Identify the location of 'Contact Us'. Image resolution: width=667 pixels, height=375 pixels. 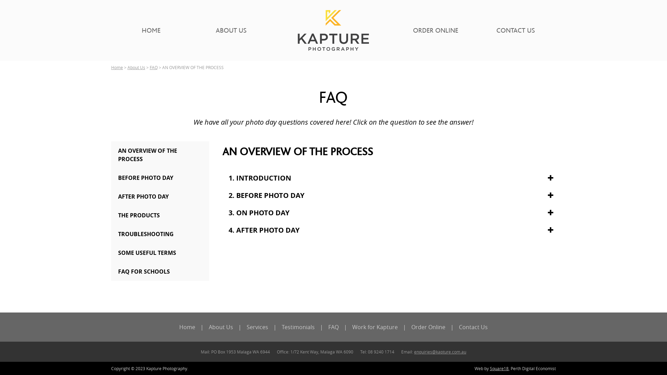
(473, 327).